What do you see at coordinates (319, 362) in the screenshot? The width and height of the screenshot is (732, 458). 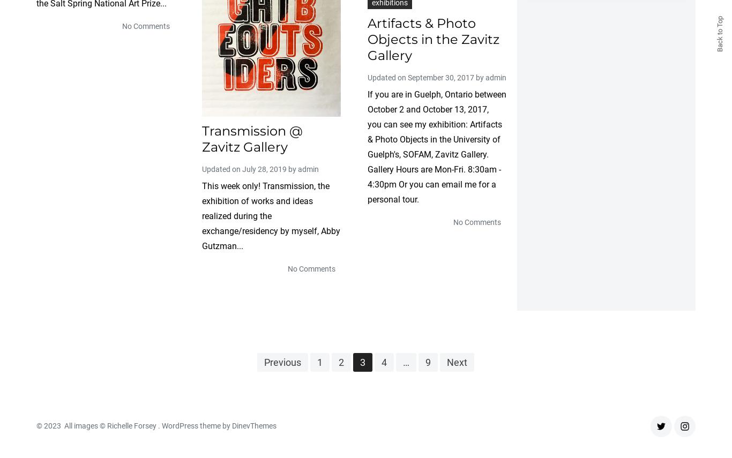 I see `'1'` at bounding box center [319, 362].